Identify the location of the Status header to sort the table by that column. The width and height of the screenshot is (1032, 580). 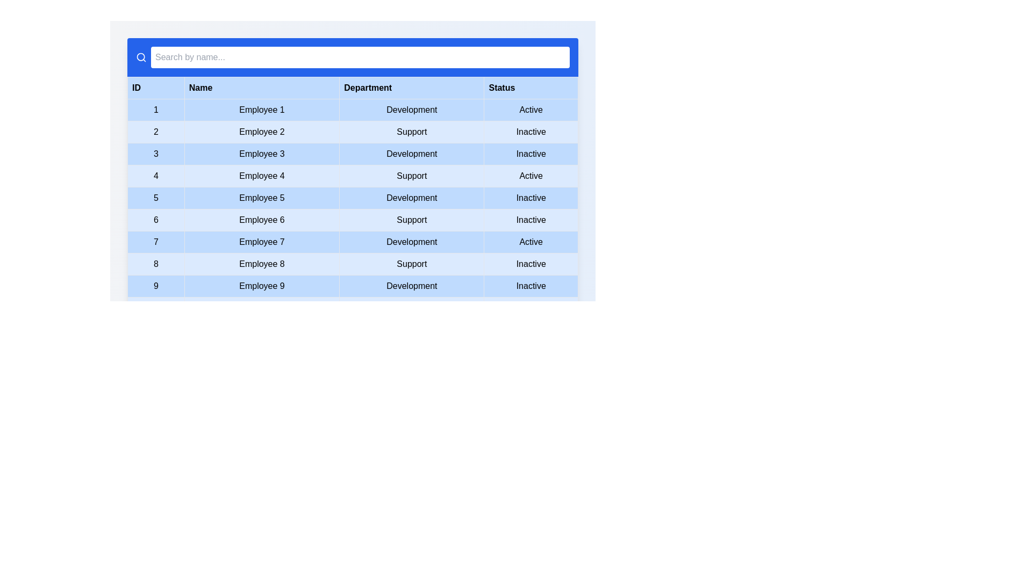
(531, 88).